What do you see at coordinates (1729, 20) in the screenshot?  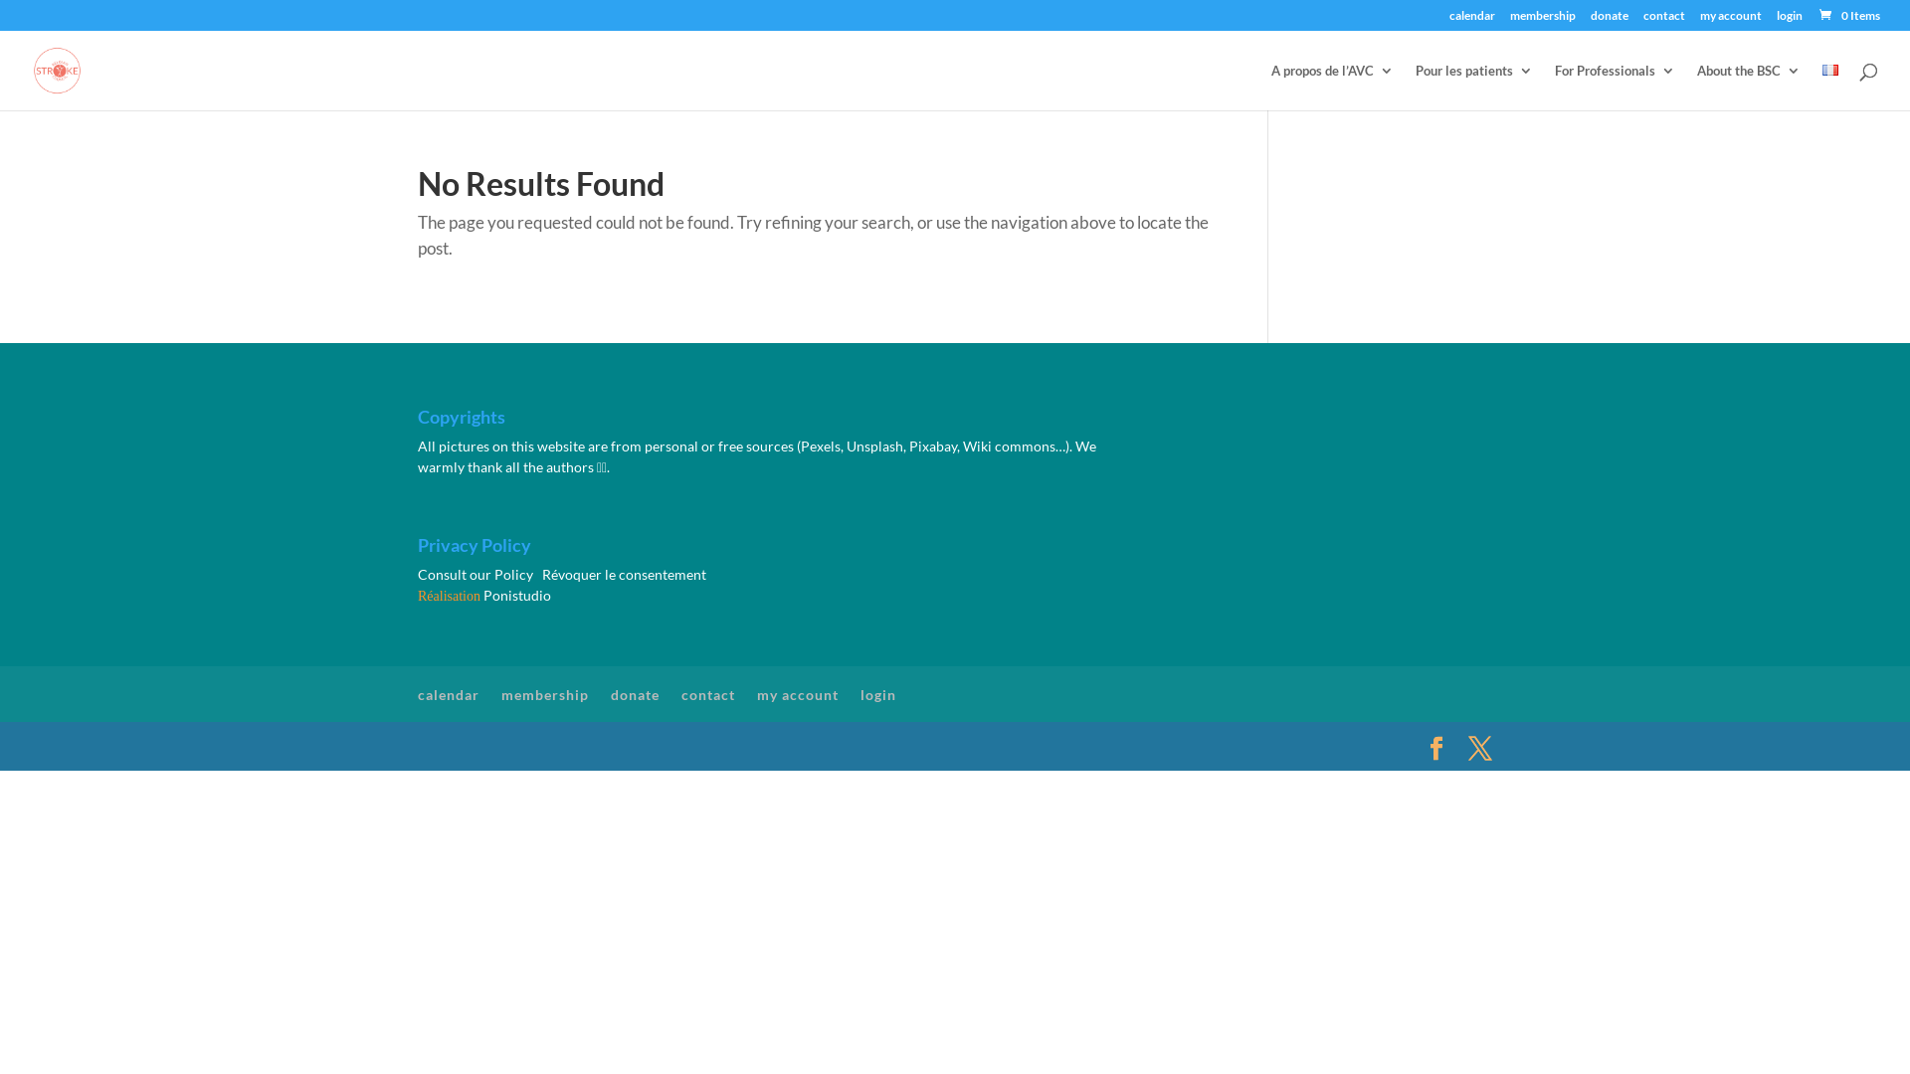 I see `'my account'` at bounding box center [1729, 20].